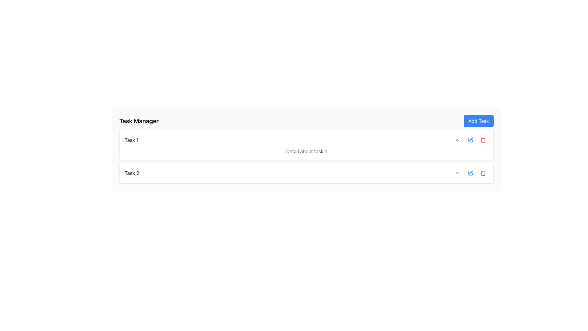 This screenshot has width=588, height=331. Describe the element at coordinates (457, 173) in the screenshot. I see `the downward-pointing chevron icon` at that location.